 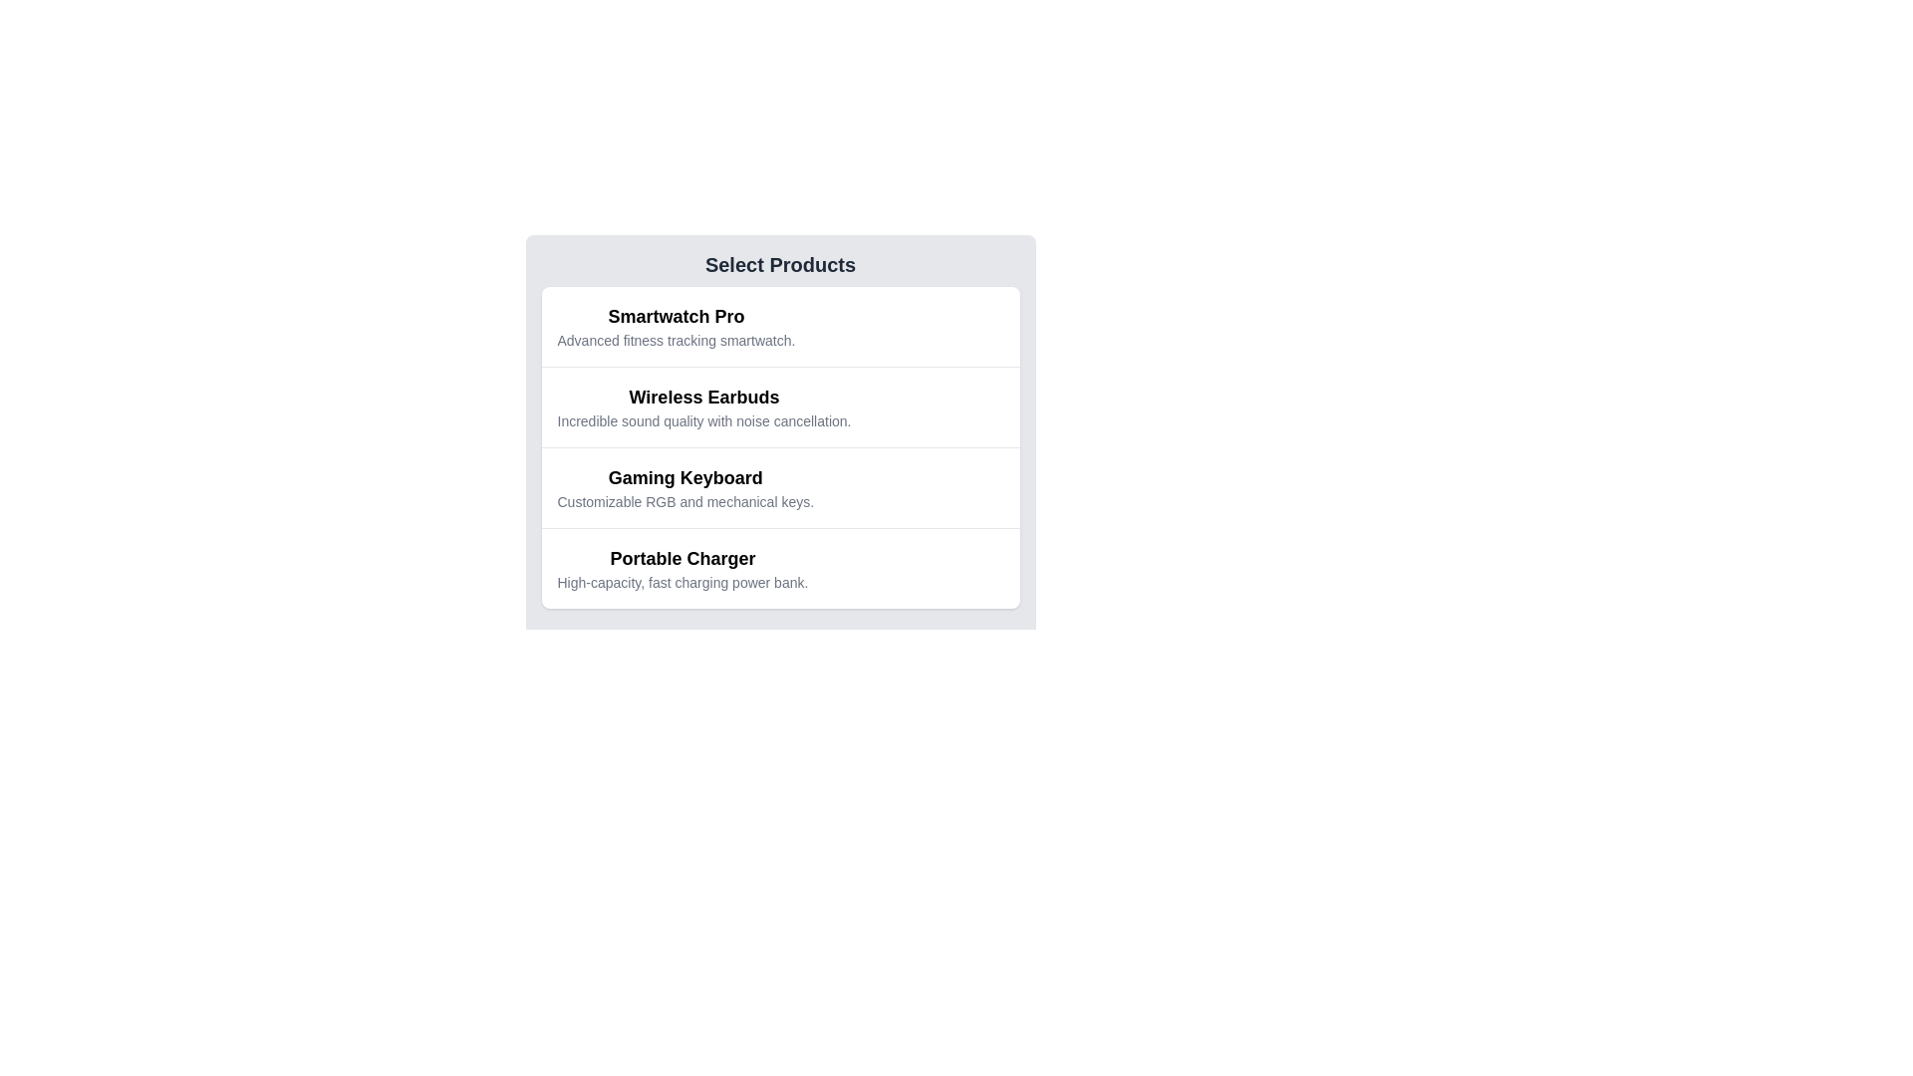 I want to click on the text label 'Wireless Earbuds' which is styled in bold and positioned at the top-center of the interface, above the subtitle 'Incredible sound quality with noise cancellation.', so click(x=703, y=397).